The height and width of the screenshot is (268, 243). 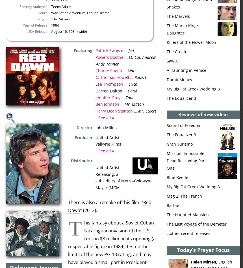 I want to click on 'Robert', so click(x=134, y=77).